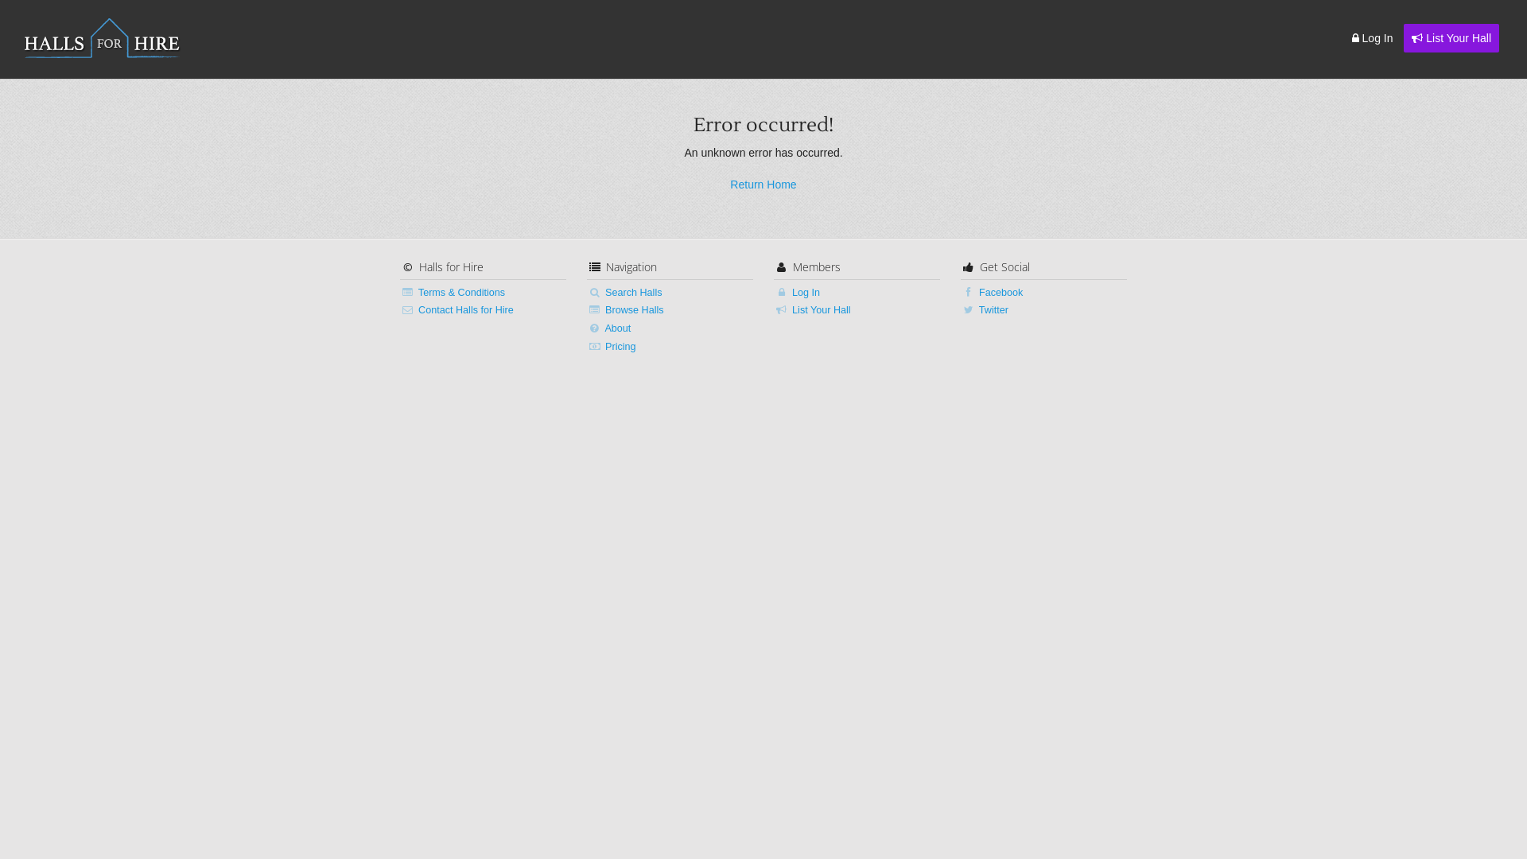 The image size is (1527, 859). Describe the element at coordinates (670, 346) in the screenshot. I see `'Pricing'` at that location.